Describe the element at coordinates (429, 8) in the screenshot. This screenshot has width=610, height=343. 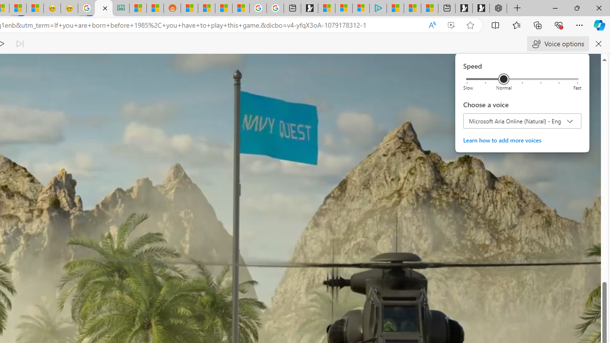
I see `'These 3 Stocks Pay You More Than 5% to Own Them'` at that location.